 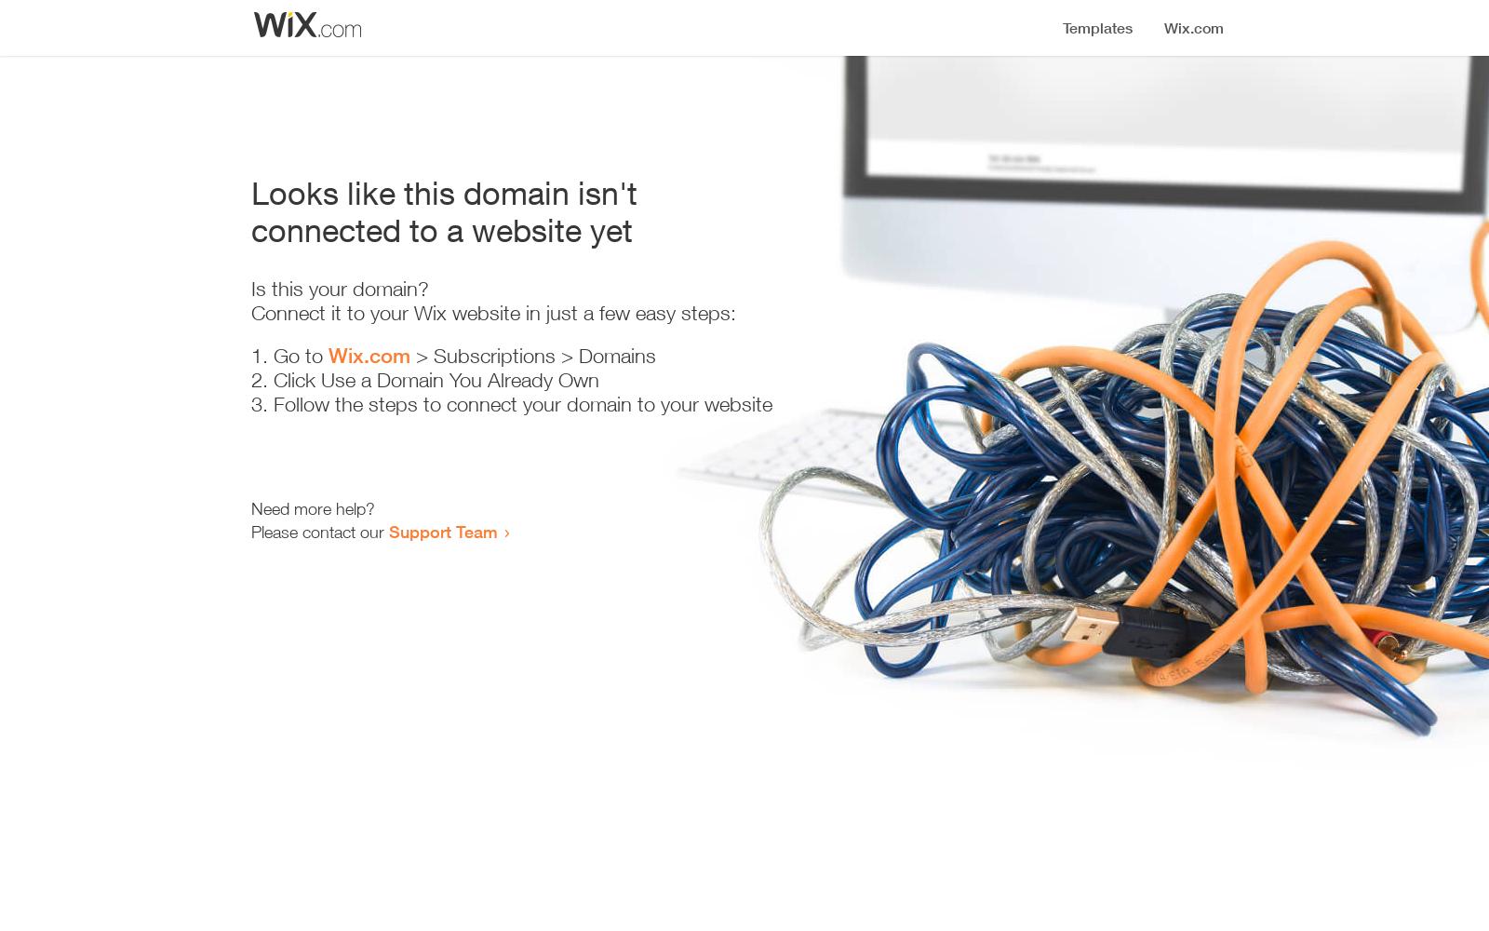 I want to click on 'Go to', so click(x=273, y=356).